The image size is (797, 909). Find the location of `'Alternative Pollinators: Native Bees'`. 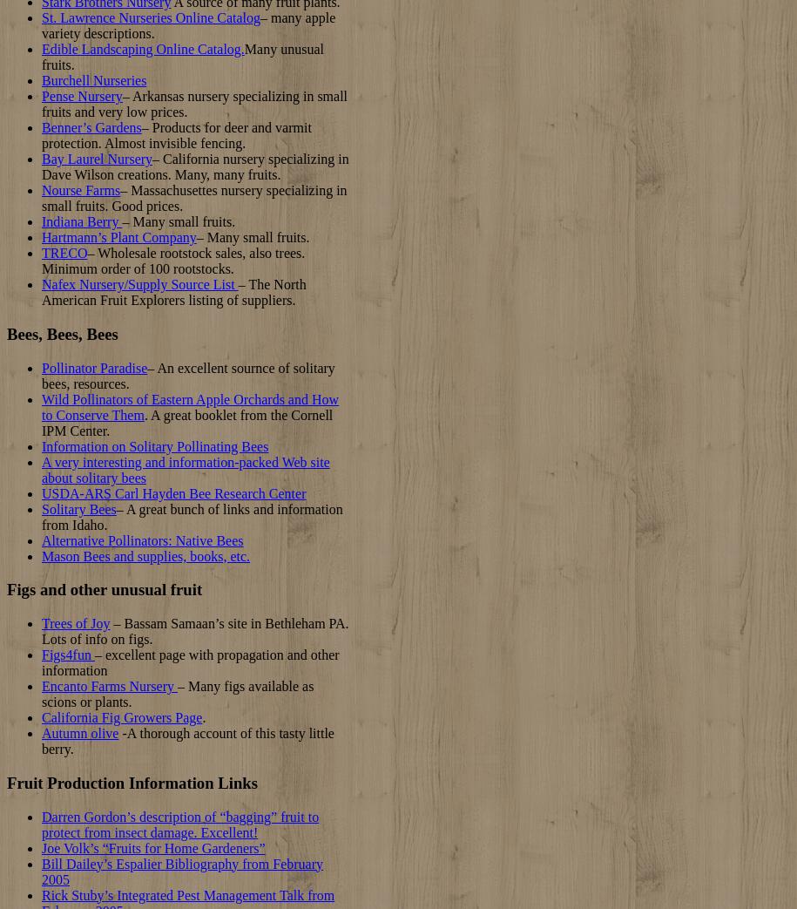

'Alternative Pollinators: Native Bees' is located at coordinates (141, 539).